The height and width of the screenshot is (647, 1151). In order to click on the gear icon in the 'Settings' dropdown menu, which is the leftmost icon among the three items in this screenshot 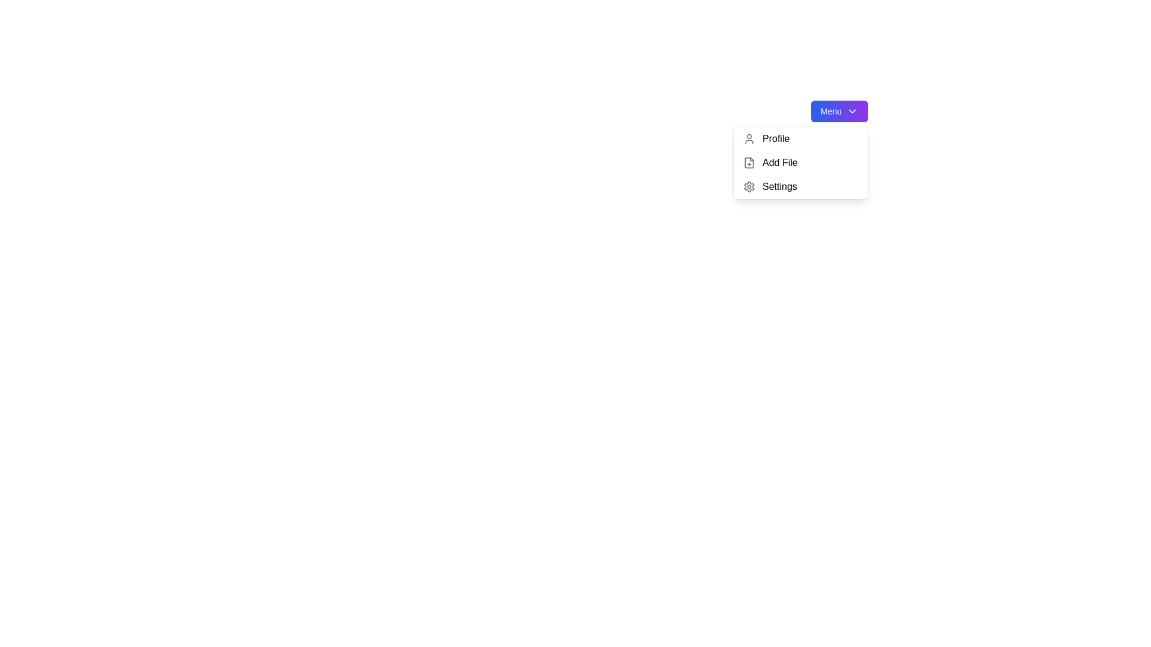, I will do `click(749, 187)`.